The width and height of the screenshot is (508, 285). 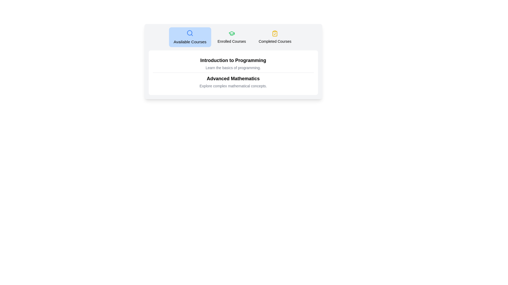 What do you see at coordinates (232, 37) in the screenshot?
I see `the tab labeled Enrolled Courses to preview its effect` at bounding box center [232, 37].